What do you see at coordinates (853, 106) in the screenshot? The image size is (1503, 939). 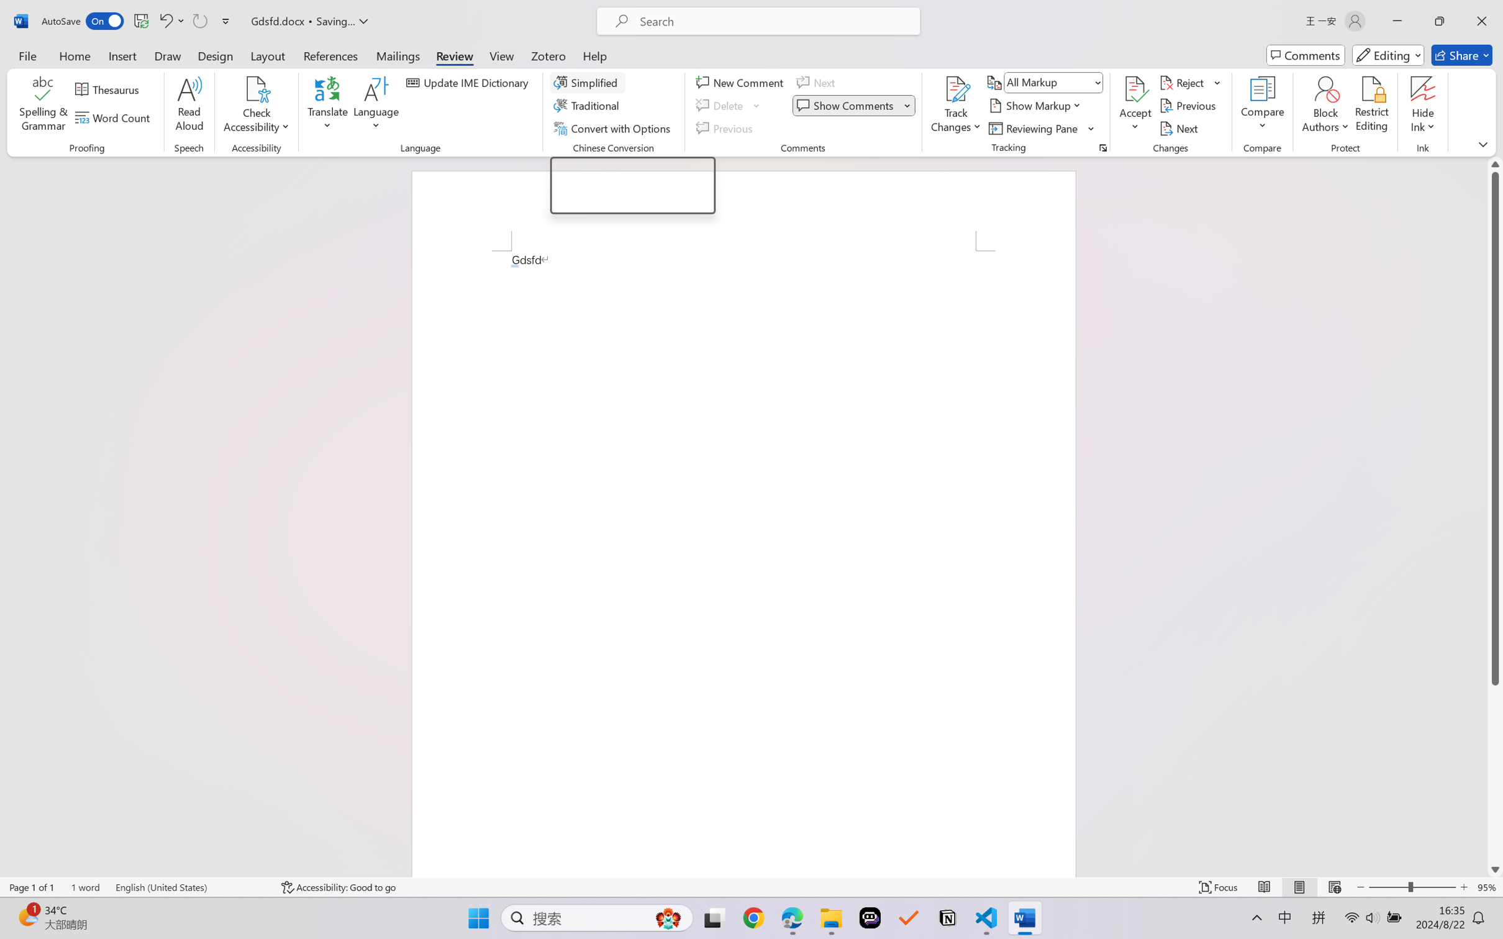 I see `'Show Comments'` at bounding box center [853, 106].